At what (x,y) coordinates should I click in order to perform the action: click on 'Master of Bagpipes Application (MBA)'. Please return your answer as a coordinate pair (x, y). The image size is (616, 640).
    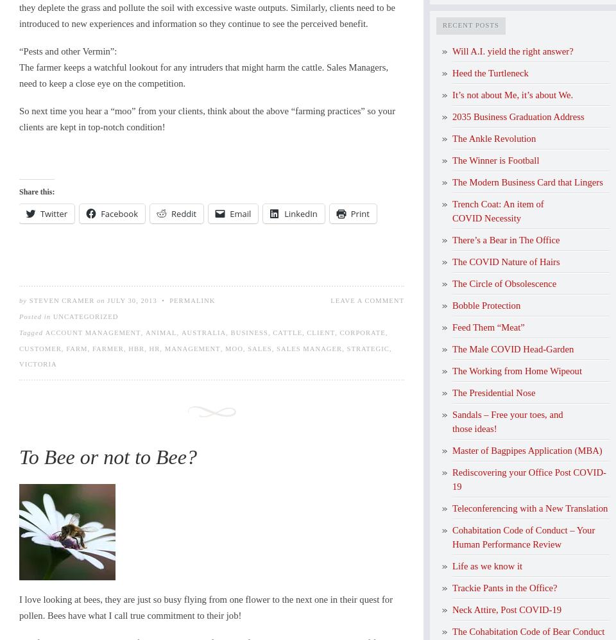
    Looking at the image, I should click on (527, 449).